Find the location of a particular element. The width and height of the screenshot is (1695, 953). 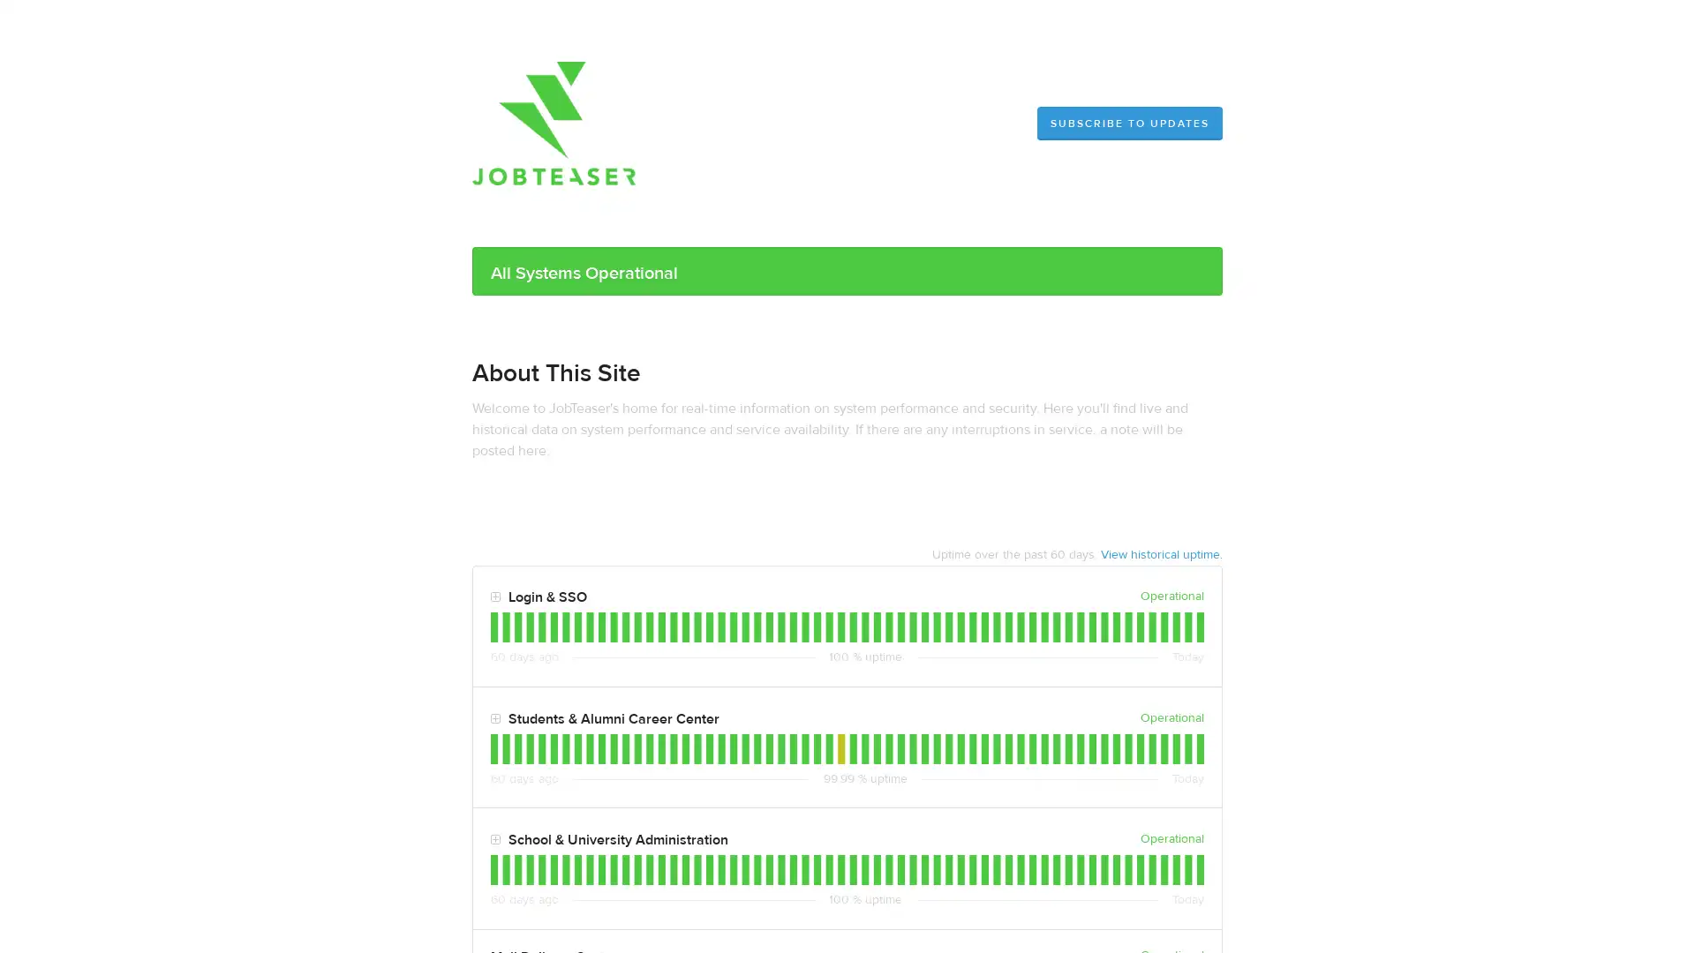

Toggle Students & Alumni Career Center is located at coordinates (494, 718).